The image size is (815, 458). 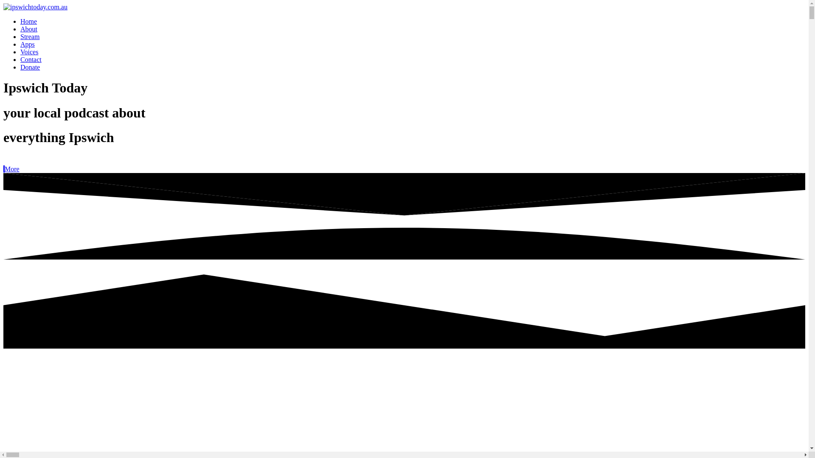 What do you see at coordinates (28, 44) in the screenshot?
I see `'Apps'` at bounding box center [28, 44].